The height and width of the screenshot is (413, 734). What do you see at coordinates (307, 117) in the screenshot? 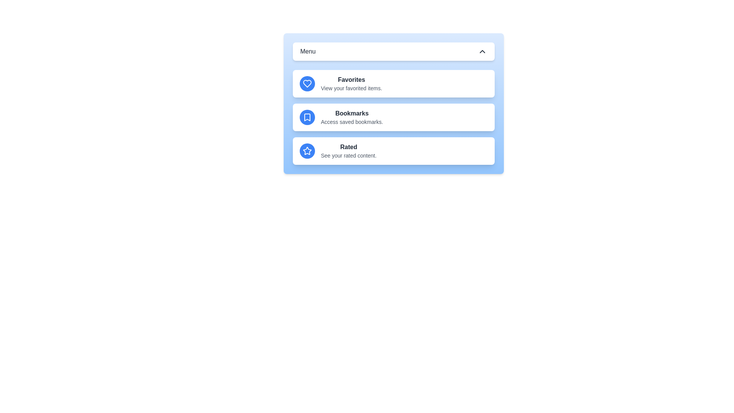
I see `the icon of the menu item Bookmarks` at bounding box center [307, 117].